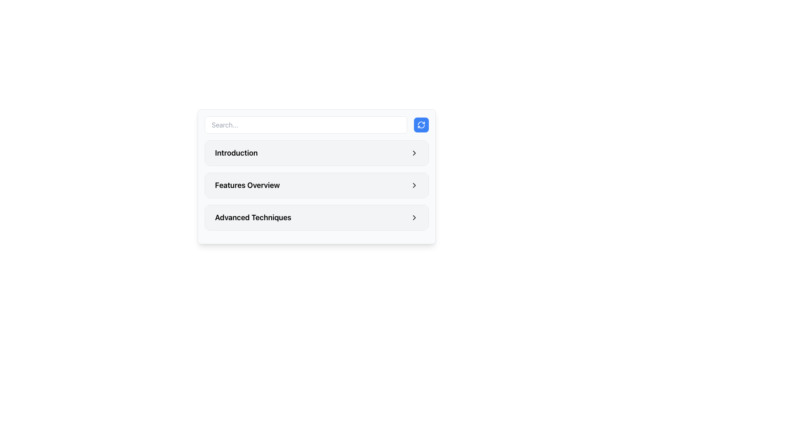 The height and width of the screenshot is (447, 794). What do you see at coordinates (421, 125) in the screenshot?
I see `the blue rectangular button with a refresh icon` at bounding box center [421, 125].